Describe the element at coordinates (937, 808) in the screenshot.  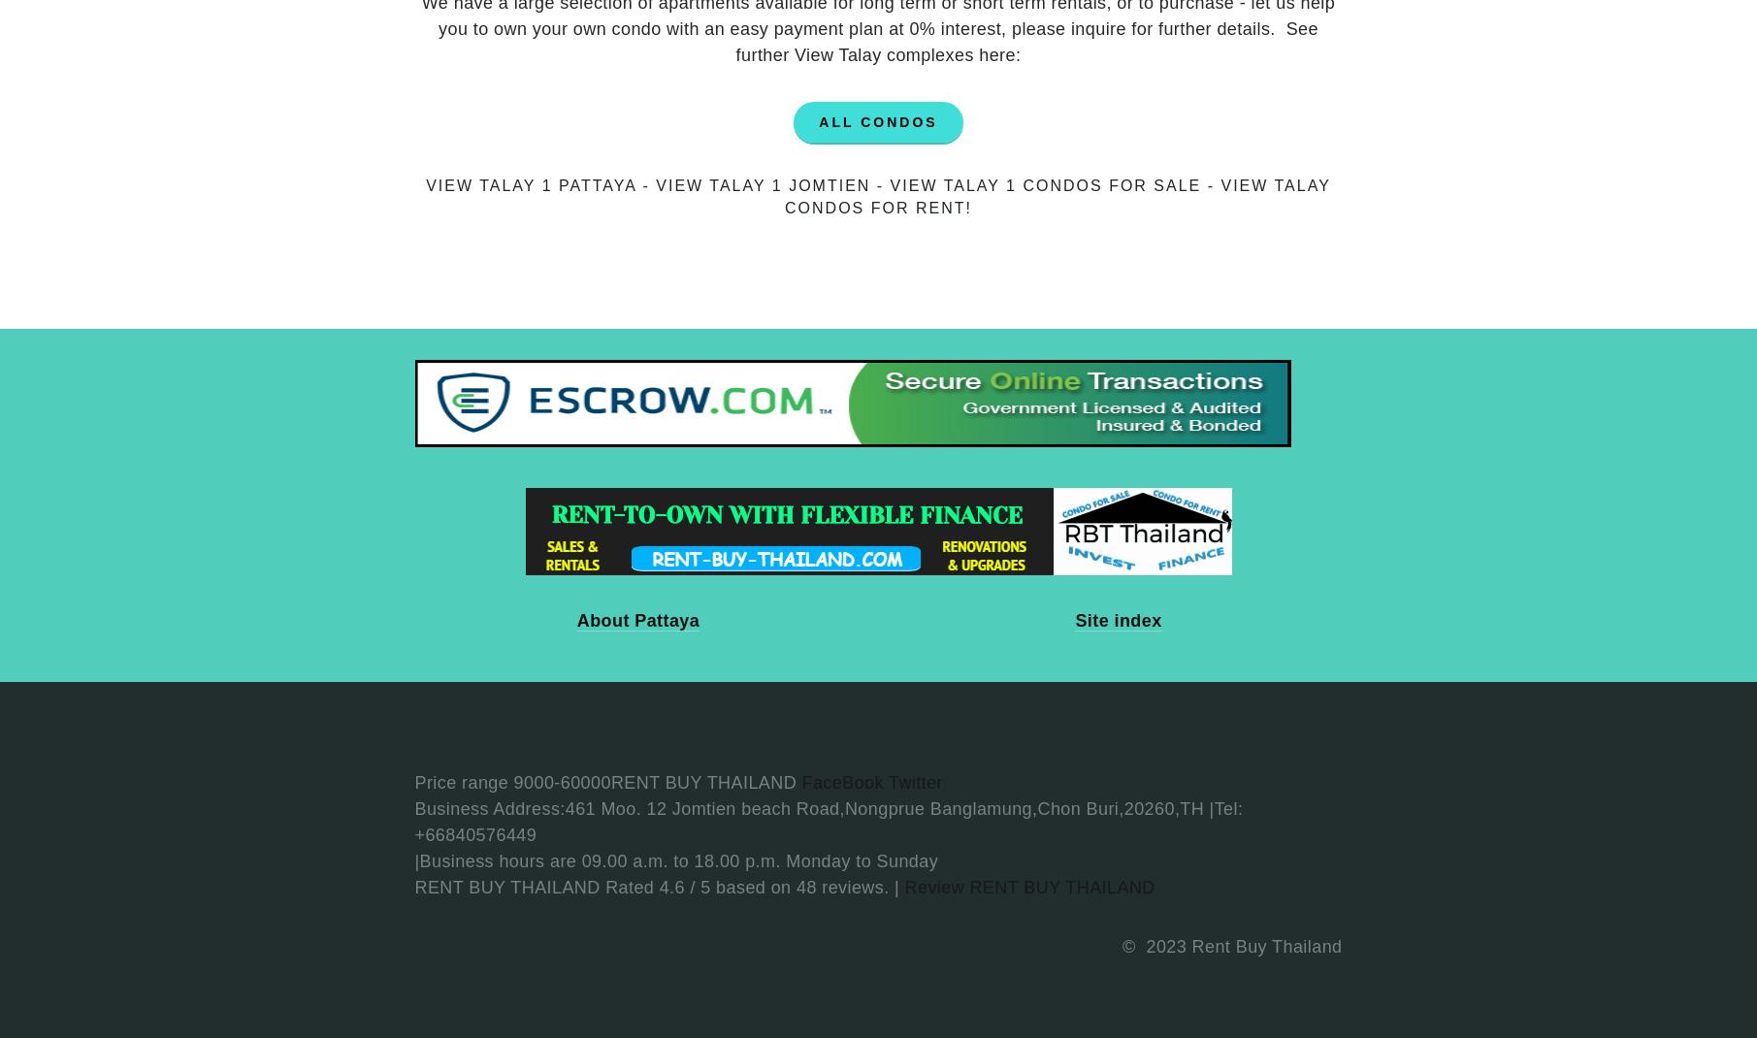
I see `'Nongprue Banglamung'` at that location.